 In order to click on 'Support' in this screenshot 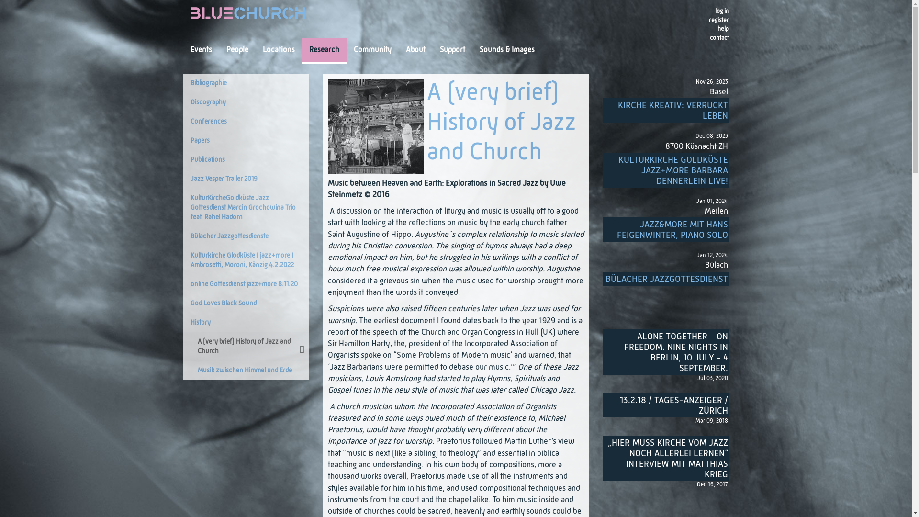, I will do `click(452, 50)`.